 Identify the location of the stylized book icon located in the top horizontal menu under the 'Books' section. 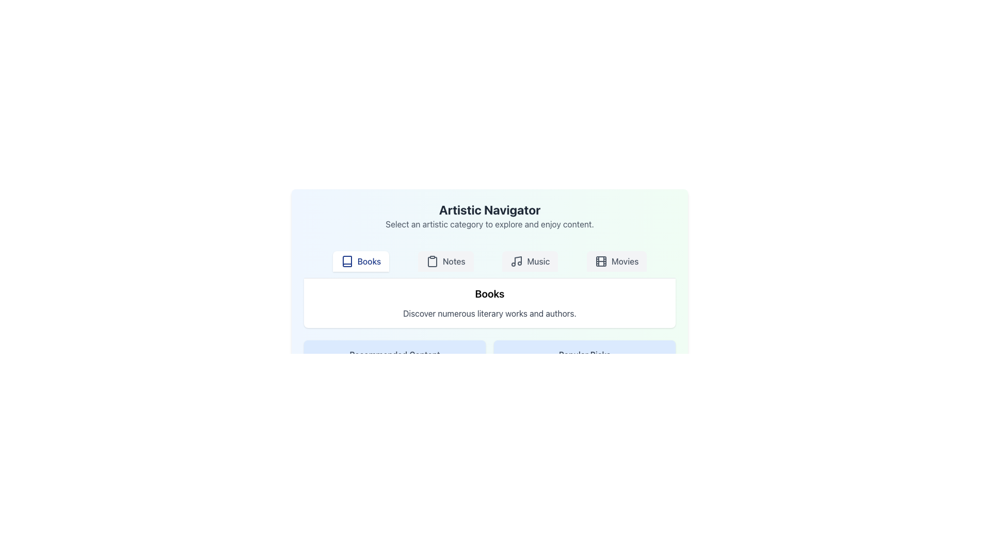
(347, 260).